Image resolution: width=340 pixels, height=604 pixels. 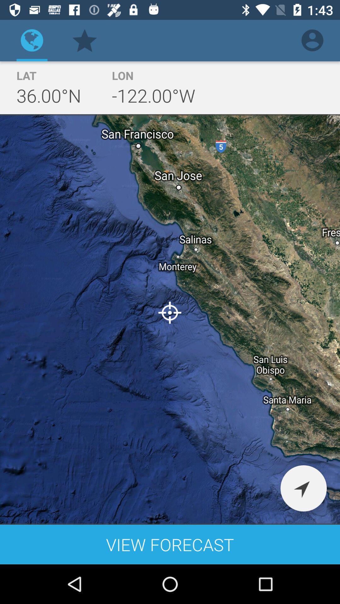 What do you see at coordinates (312, 40) in the screenshot?
I see `icon at the top right corner` at bounding box center [312, 40].